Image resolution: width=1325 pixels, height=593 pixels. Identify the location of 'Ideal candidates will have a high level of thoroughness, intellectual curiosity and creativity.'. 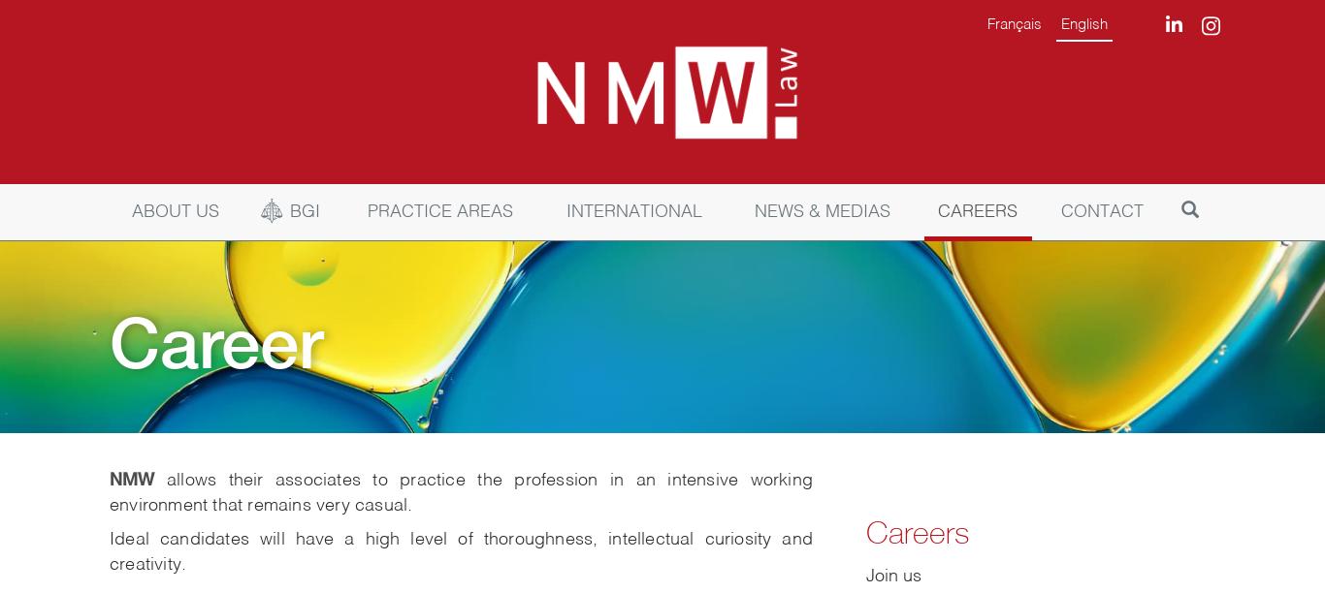
(461, 551).